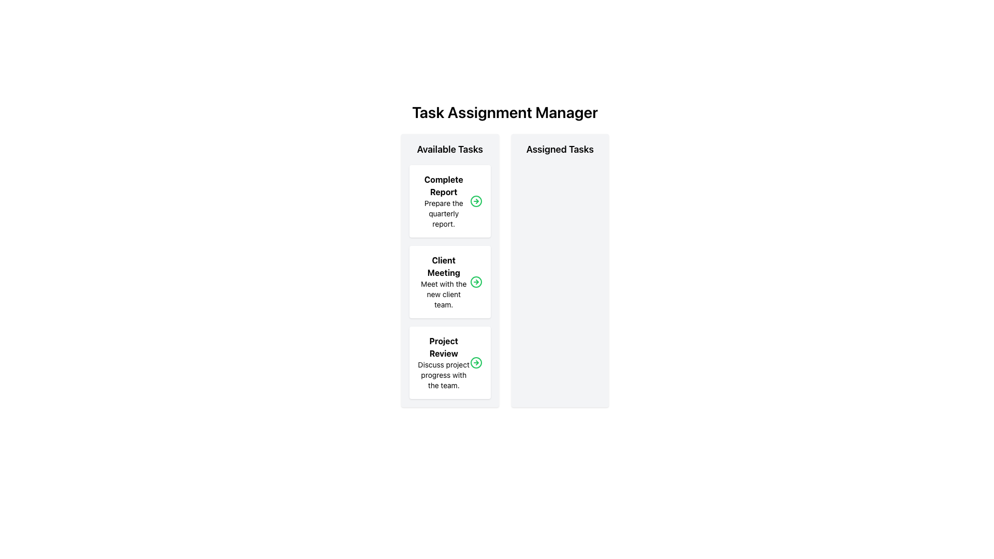 The image size is (994, 559). I want to click on the text block titled 'Client Meeting' which contains the description 'Meet with the new client team.' located in the second card of the 'Available Tasks' column, so click(444, 282).